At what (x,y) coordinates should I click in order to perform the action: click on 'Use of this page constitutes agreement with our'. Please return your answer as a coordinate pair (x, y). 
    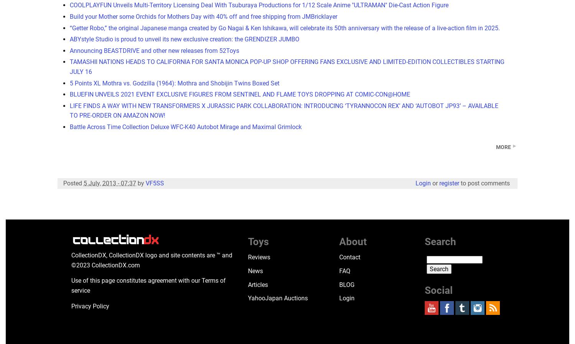
    Looking at the image, I should click on (136, 280).